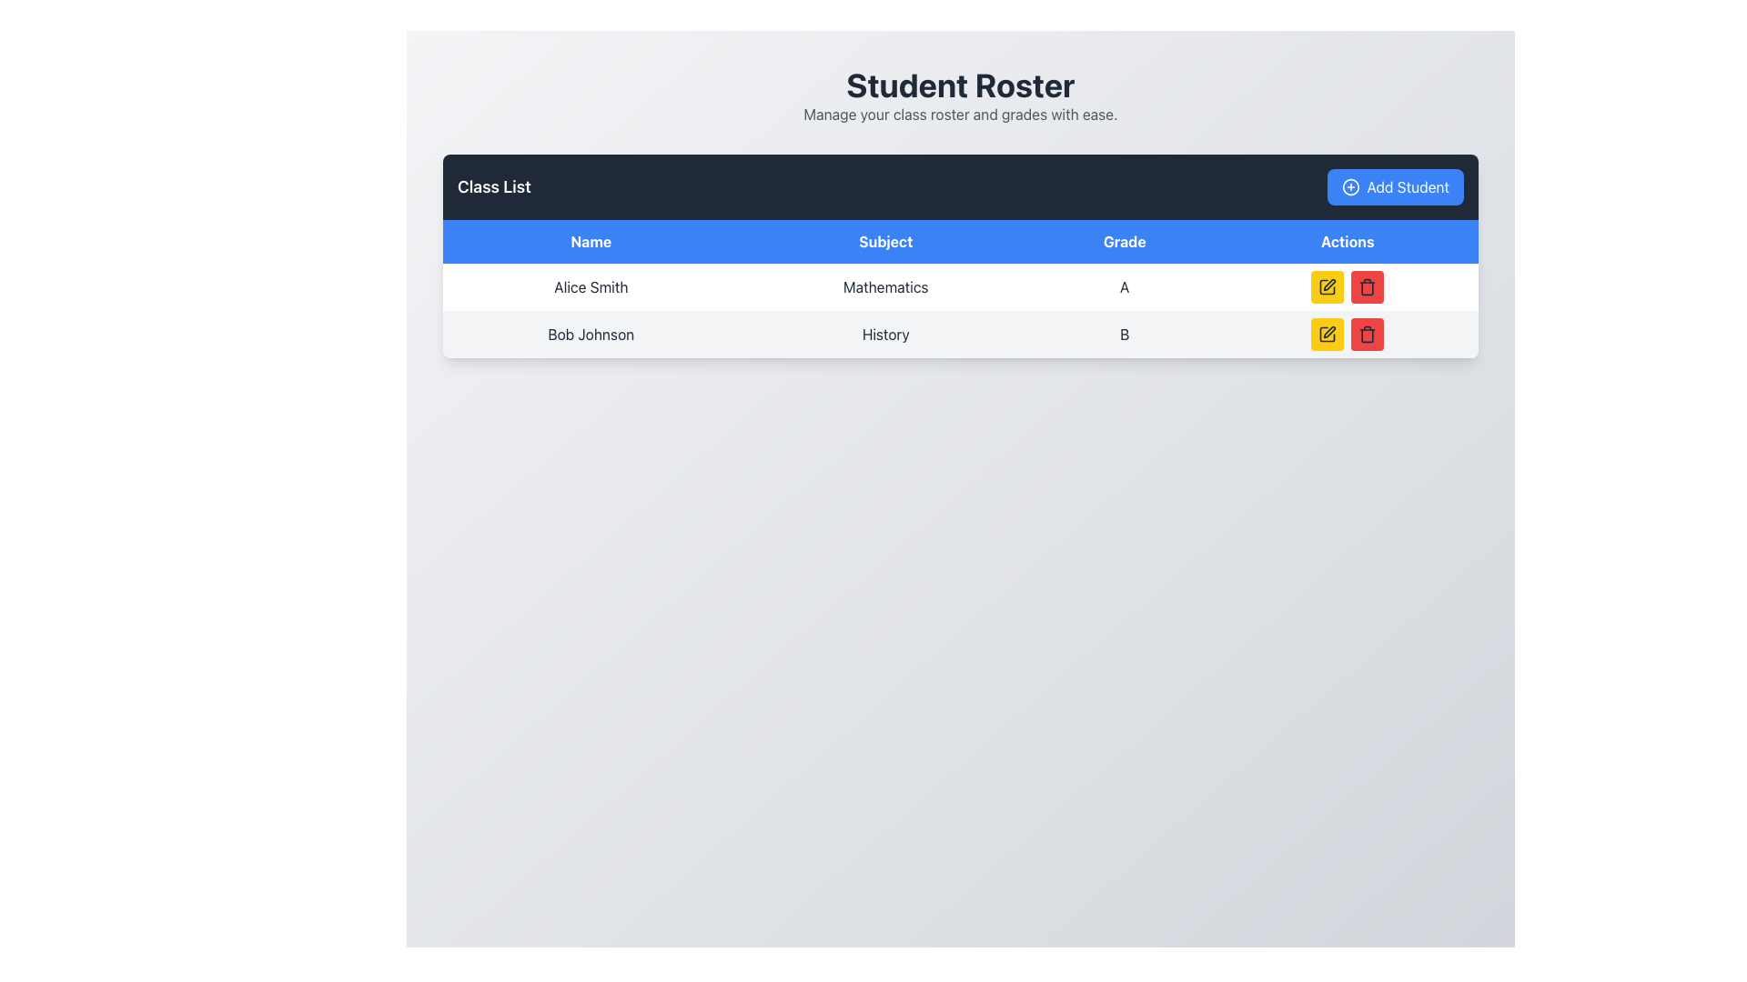 The width and height of the screenshot is (1747, 982). I want to click on label text of the 'Subject' column header in the table, which is the second column header positioned horizontally between 'Name' and 'Grade', so click(885, 241).